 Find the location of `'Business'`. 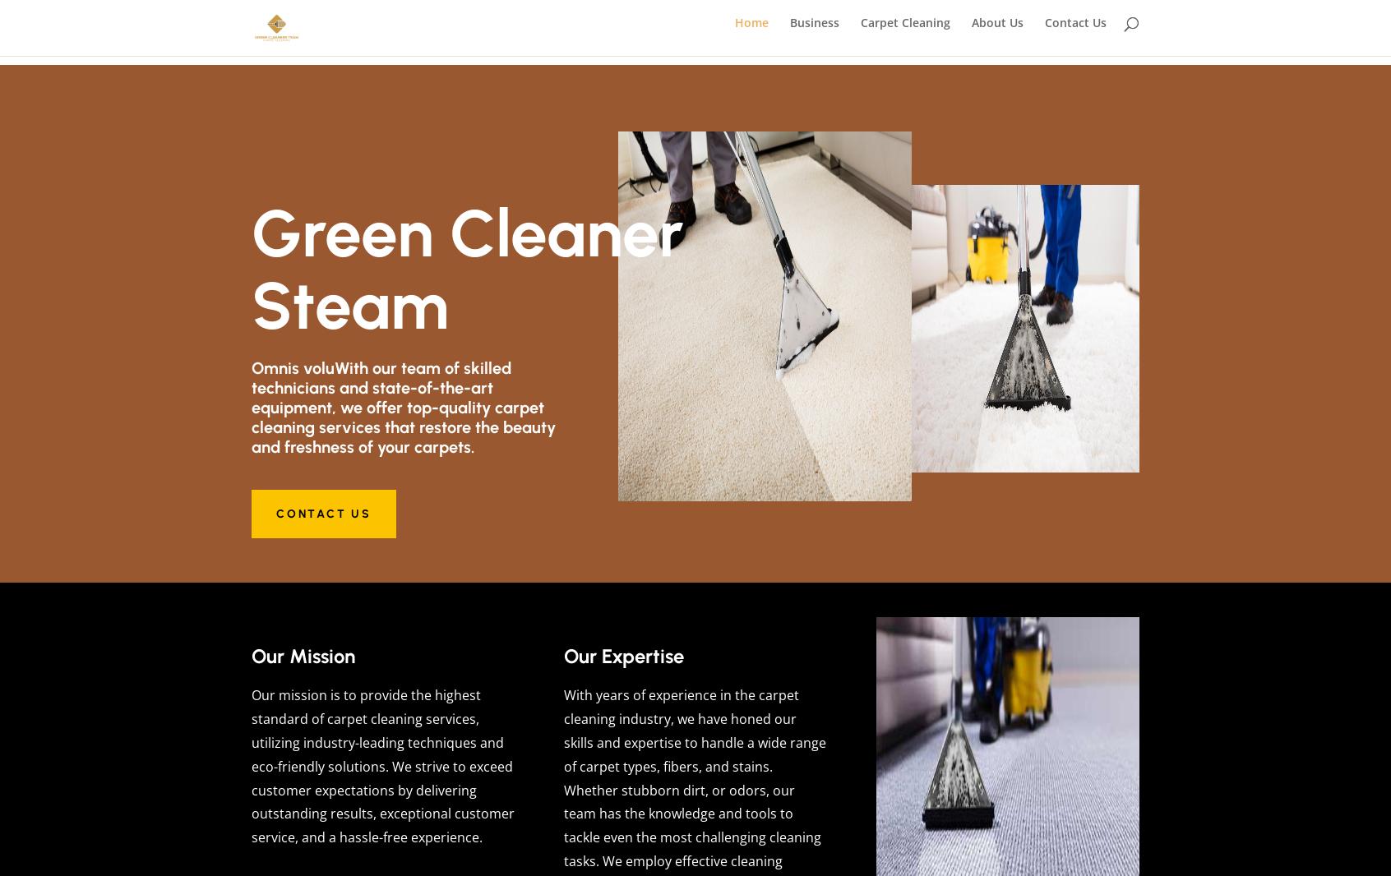

'Business' is located at coordinates (790, 31).